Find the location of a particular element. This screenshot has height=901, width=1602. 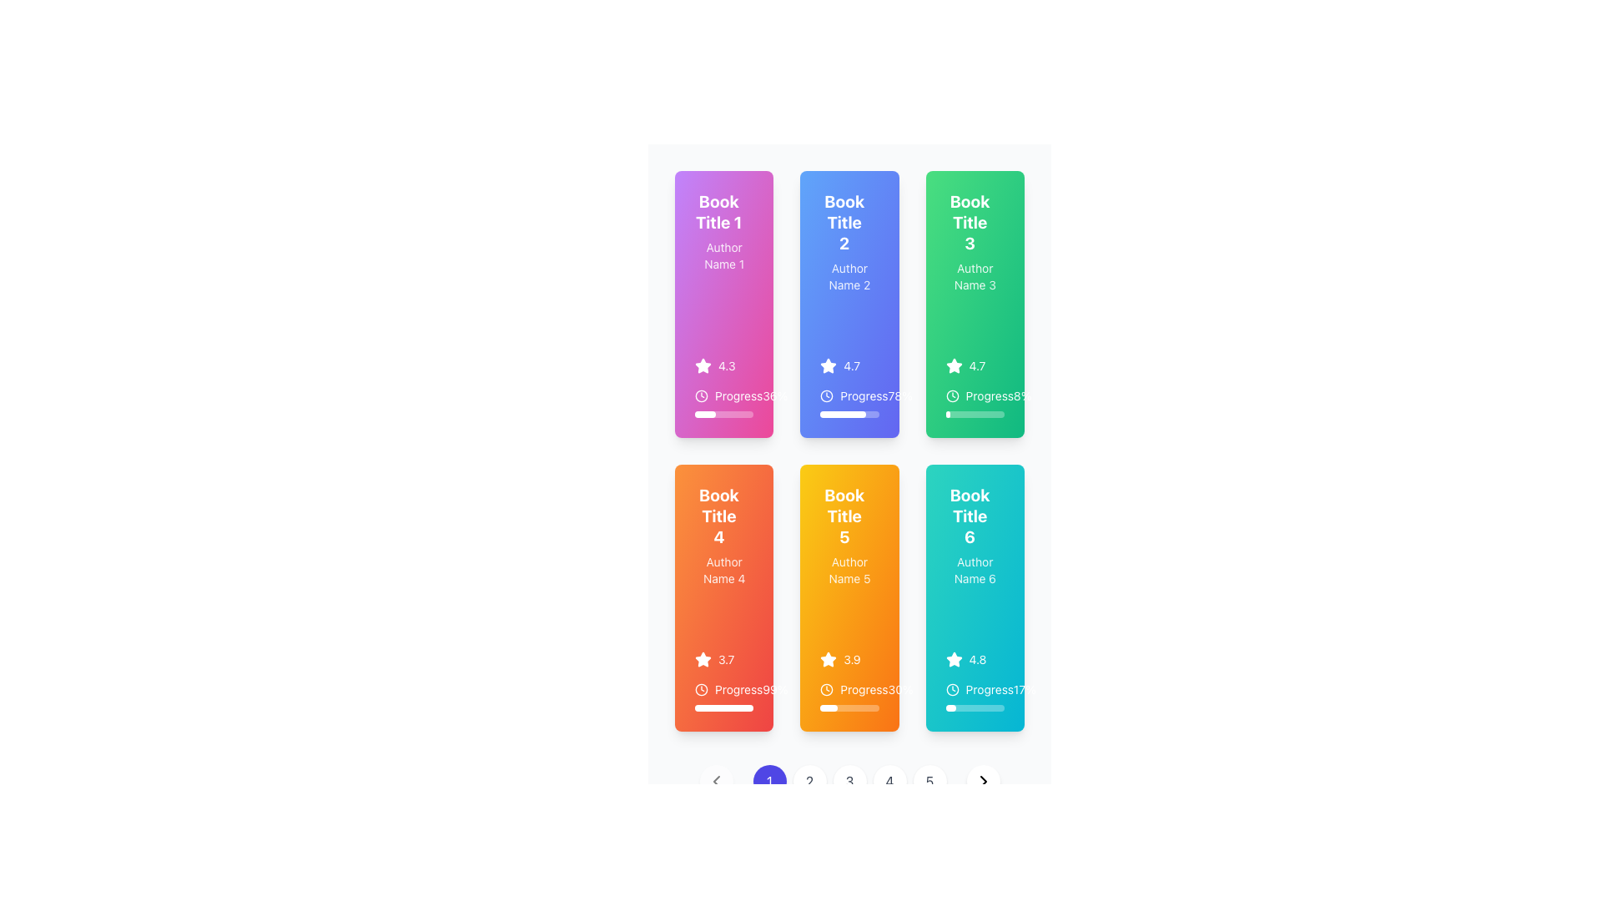

the Progress Indicator element that displays the text 'Progress' and a progress percentage of '36%', located within the card titled 'Book Title 1' is located at coordinates (724, 388).